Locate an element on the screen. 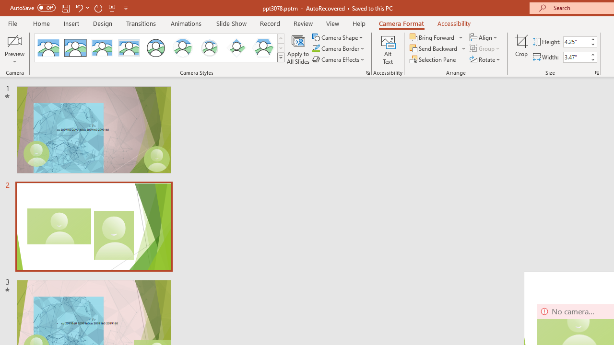 The height and width of the screenshot is (345, 614). 'Center Shadow Hexagon' is located at coordinates (263, 48).